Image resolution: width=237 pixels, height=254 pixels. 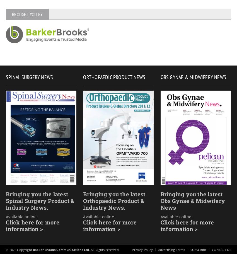 What do you see at coordinates (192, 200) in the screenshot?
I see `'Bringing you the latest Obs Gynae & Midwifery News'` at bounding box center [192, 200].